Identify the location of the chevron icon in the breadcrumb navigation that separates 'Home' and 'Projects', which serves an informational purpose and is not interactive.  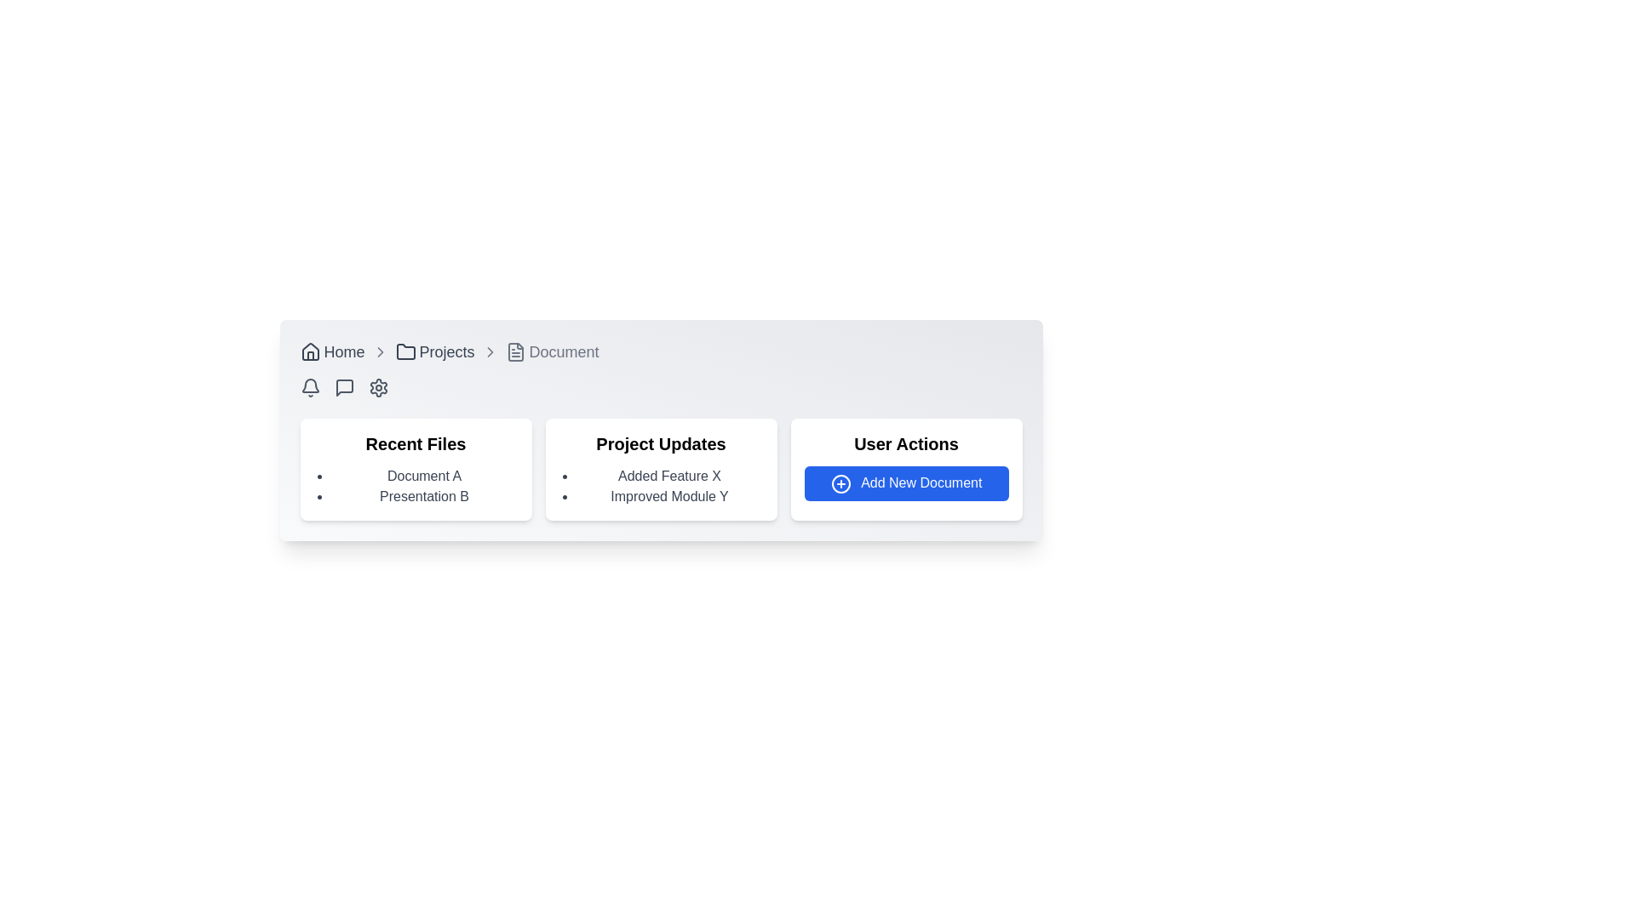
(379, 351).